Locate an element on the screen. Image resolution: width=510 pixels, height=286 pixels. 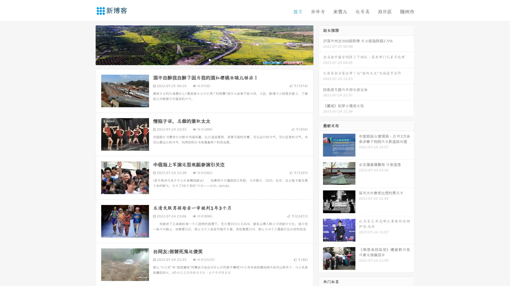
Go to slide 2 is located at coordinates (204, 60).